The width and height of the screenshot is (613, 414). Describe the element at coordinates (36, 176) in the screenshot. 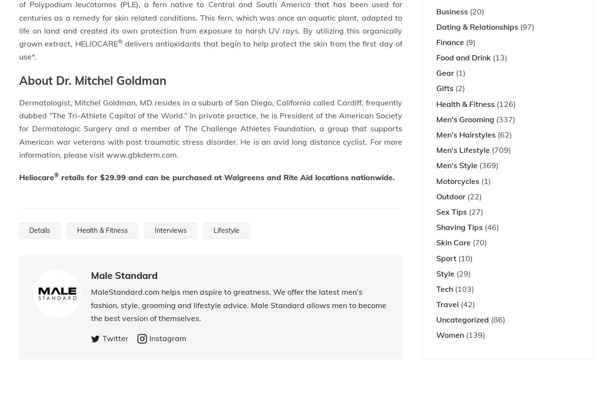

I see `'Heliocare'` at that location.